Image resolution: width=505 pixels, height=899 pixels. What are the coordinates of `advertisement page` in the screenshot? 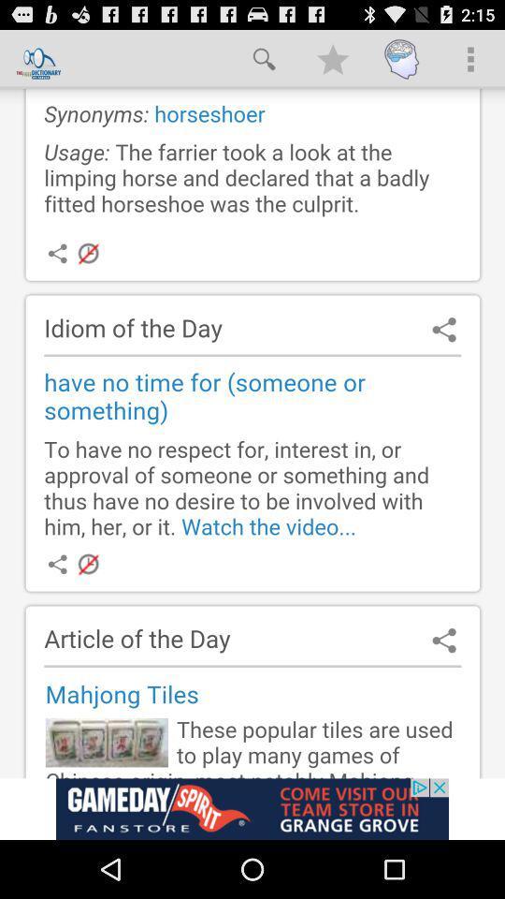 It's located at (252, 808).